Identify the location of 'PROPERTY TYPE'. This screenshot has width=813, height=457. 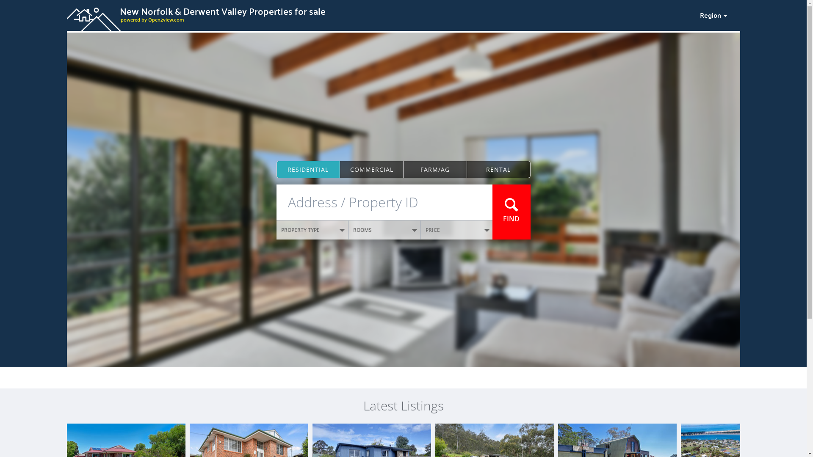
(312, 230).